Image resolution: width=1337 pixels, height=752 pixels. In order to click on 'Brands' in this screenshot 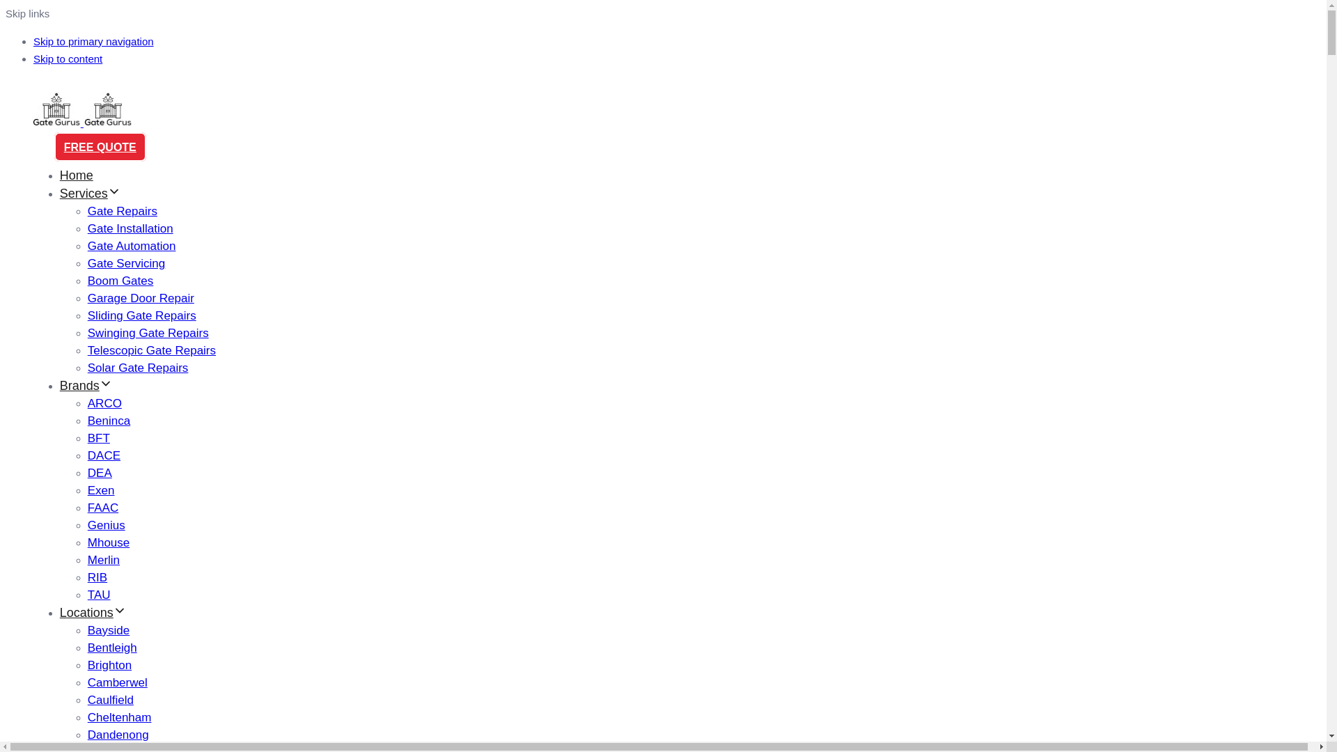, I will do `click(85, 386)`.